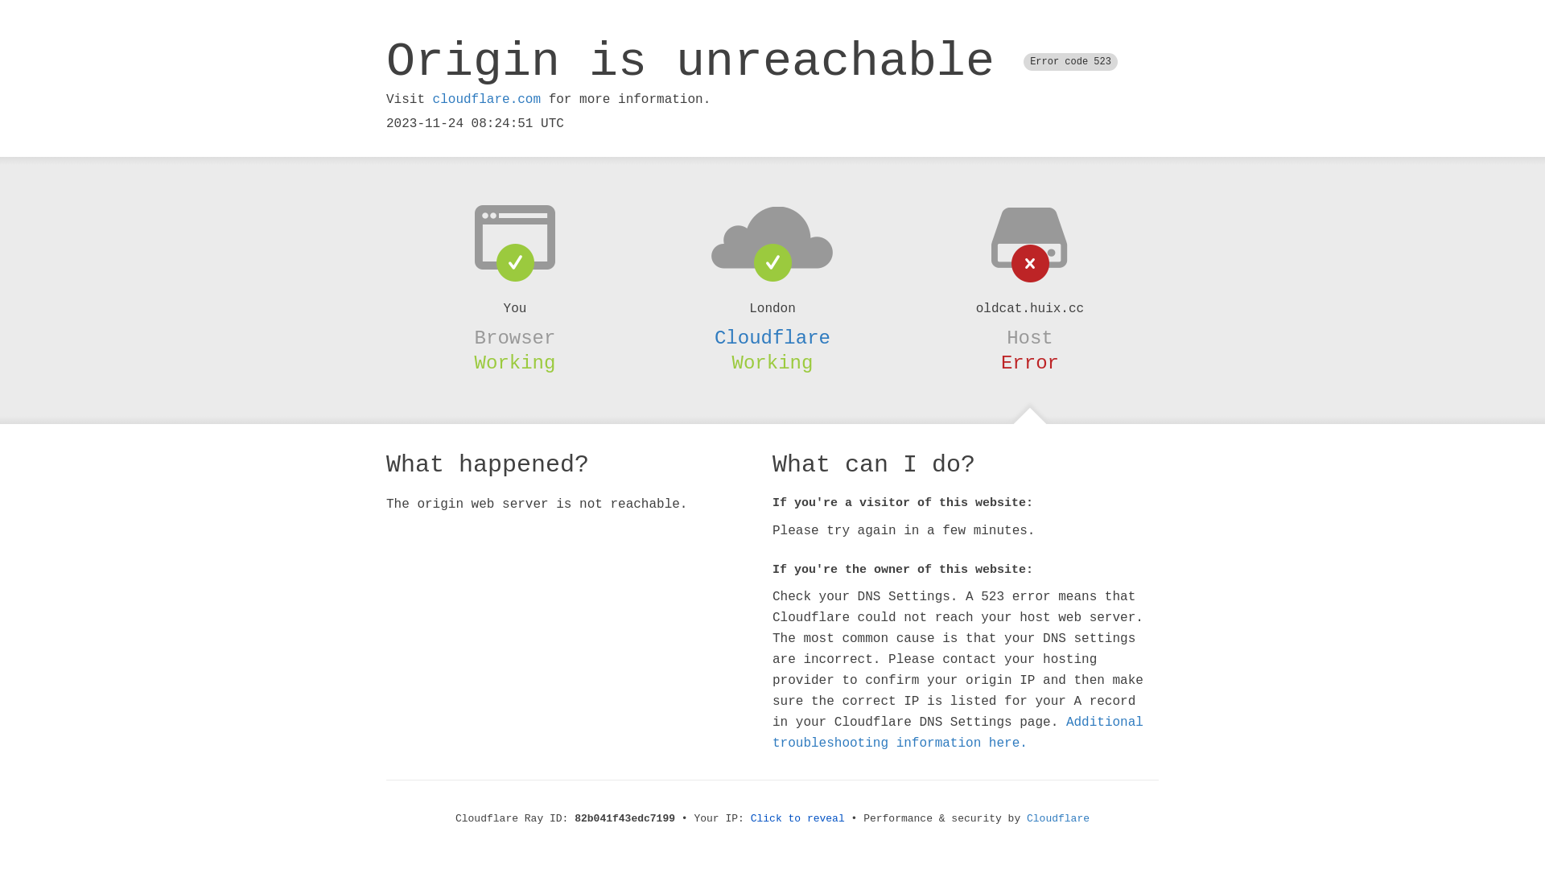 Image resolution: width=1545 pixels, height=869 pixels. Describe the element at coordinates (772, 337) in the screenshot. I see `'Cloudflare'` at that location.